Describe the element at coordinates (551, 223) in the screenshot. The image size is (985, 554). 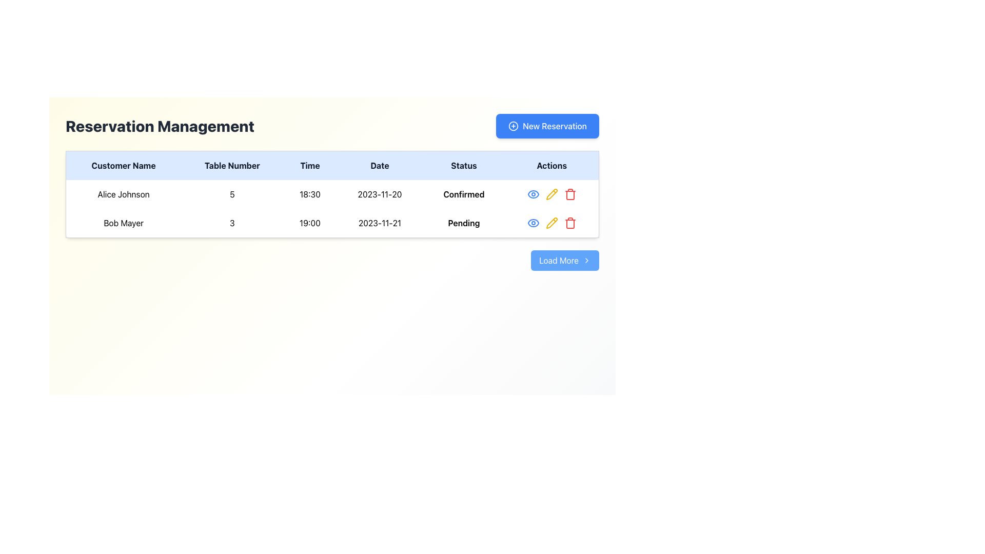
I see `the yellow pencil icon button in the 'Actions' column of the table row for the customer 'Bob Mayer', which is the second icon in a sequence of three, located in the middle of the 'Reservation Management' section` at that location.